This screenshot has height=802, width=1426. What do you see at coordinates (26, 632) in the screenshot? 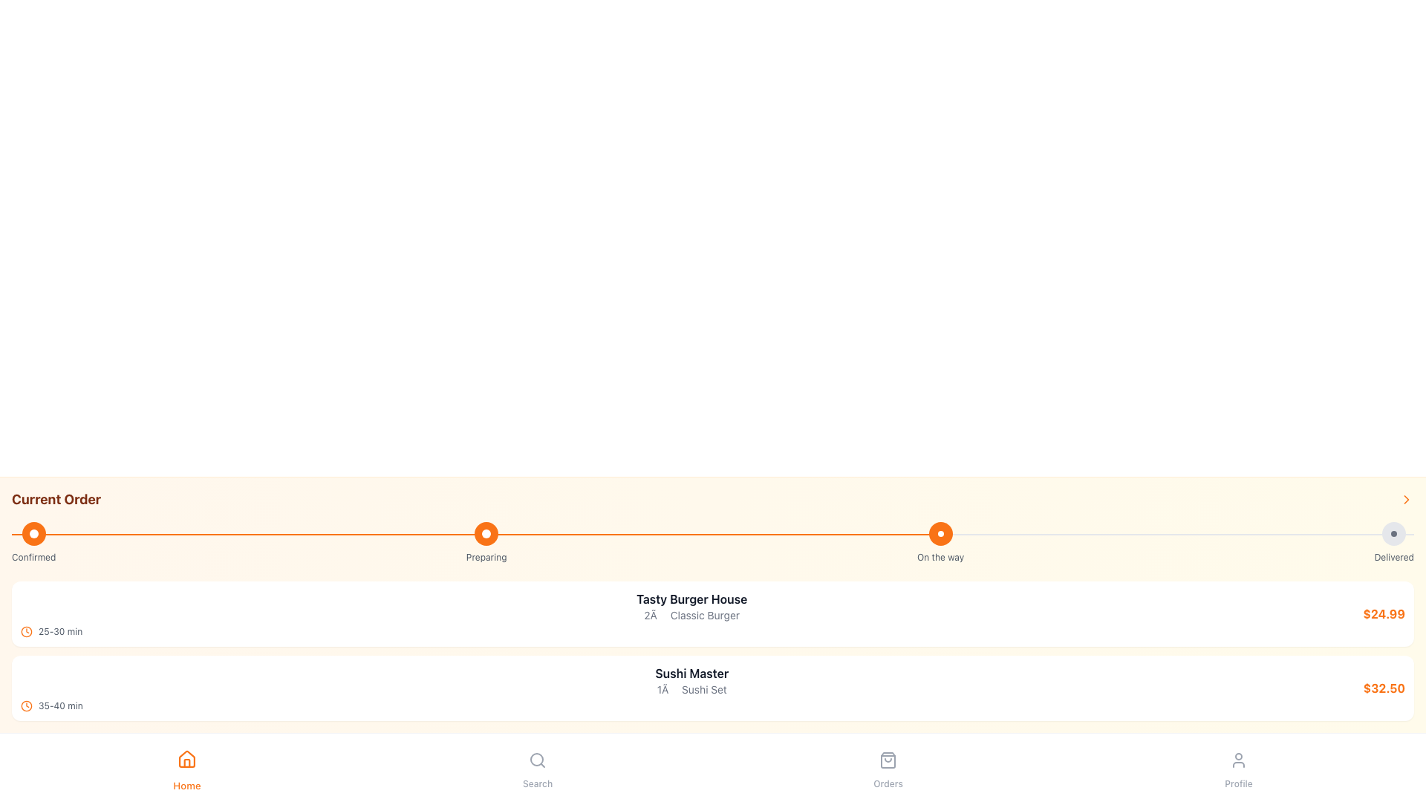
I see `the circular shape of the Circle element within the SVG clock icon, which is part of a horizontal layout next to a text element displaying a duration` at bounding box center [26, 632].